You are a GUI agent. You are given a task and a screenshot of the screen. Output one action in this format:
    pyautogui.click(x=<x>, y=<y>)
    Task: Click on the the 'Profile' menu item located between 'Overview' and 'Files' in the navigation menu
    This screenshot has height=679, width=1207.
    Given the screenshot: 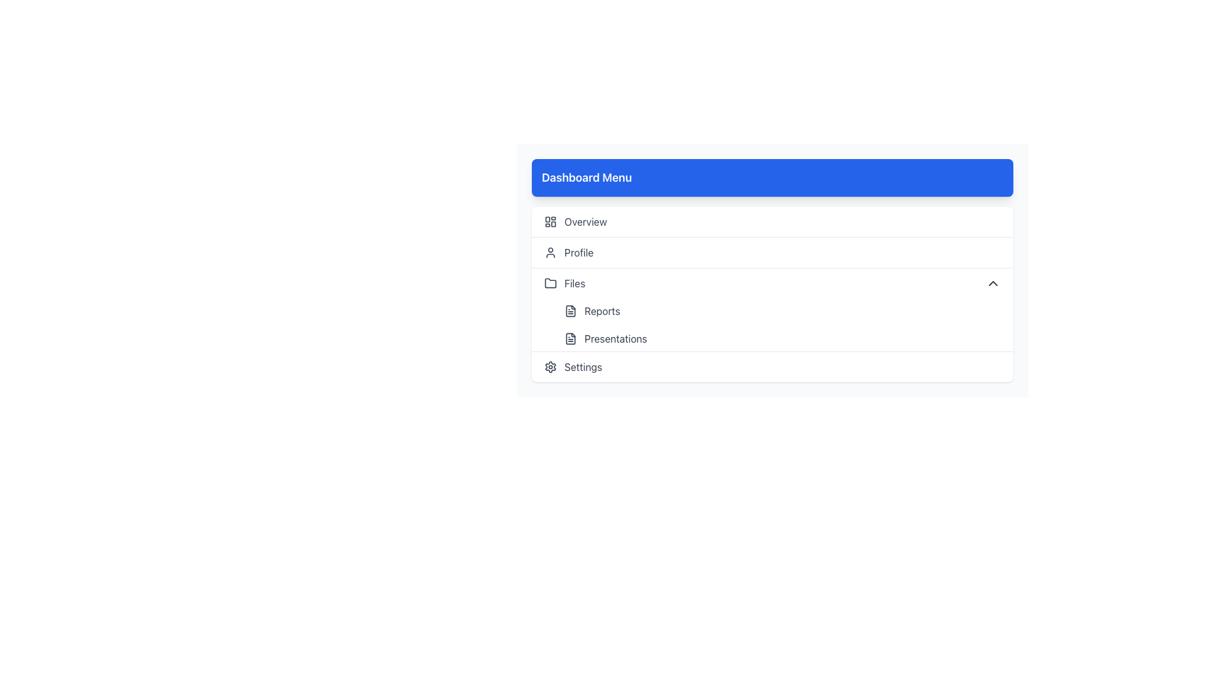 What is the action you would take?
    pyautogui.click(x=771, y=252)
    